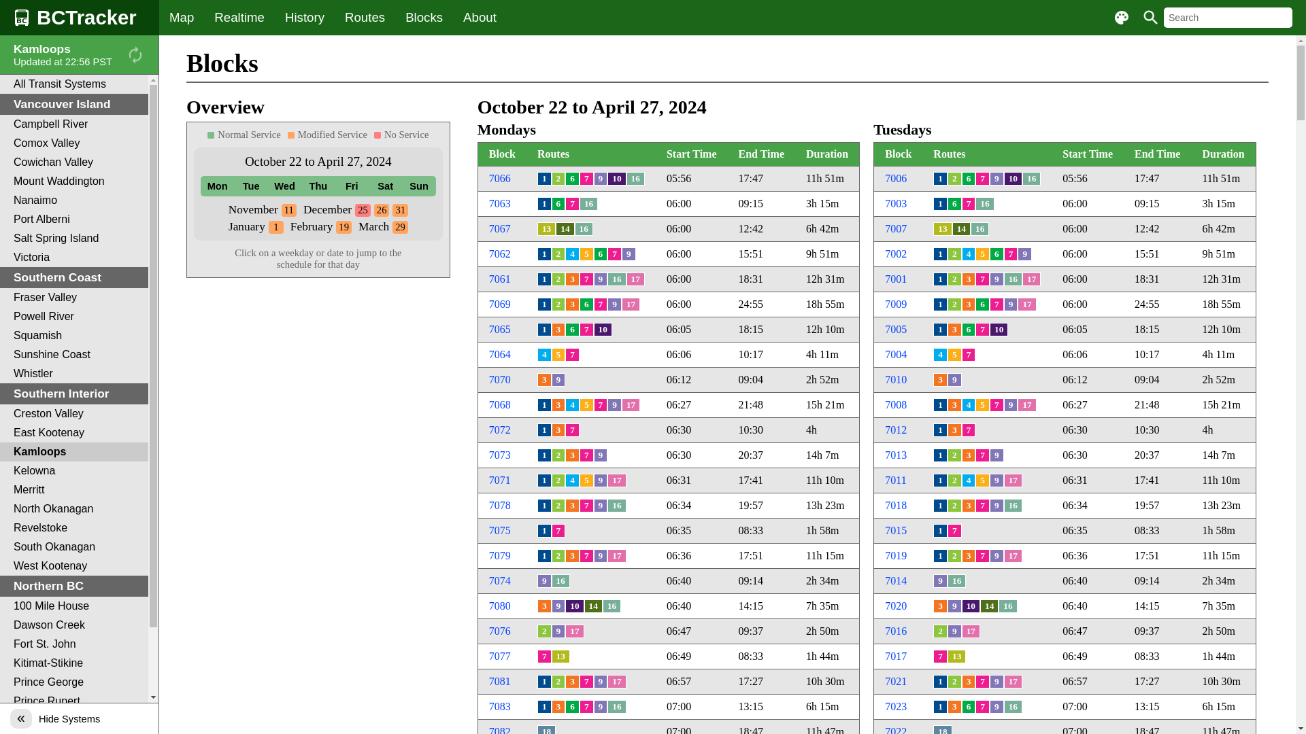  Describe the element at coordinates (499, 505) in the screenshot. I see `'7078'` at that location.